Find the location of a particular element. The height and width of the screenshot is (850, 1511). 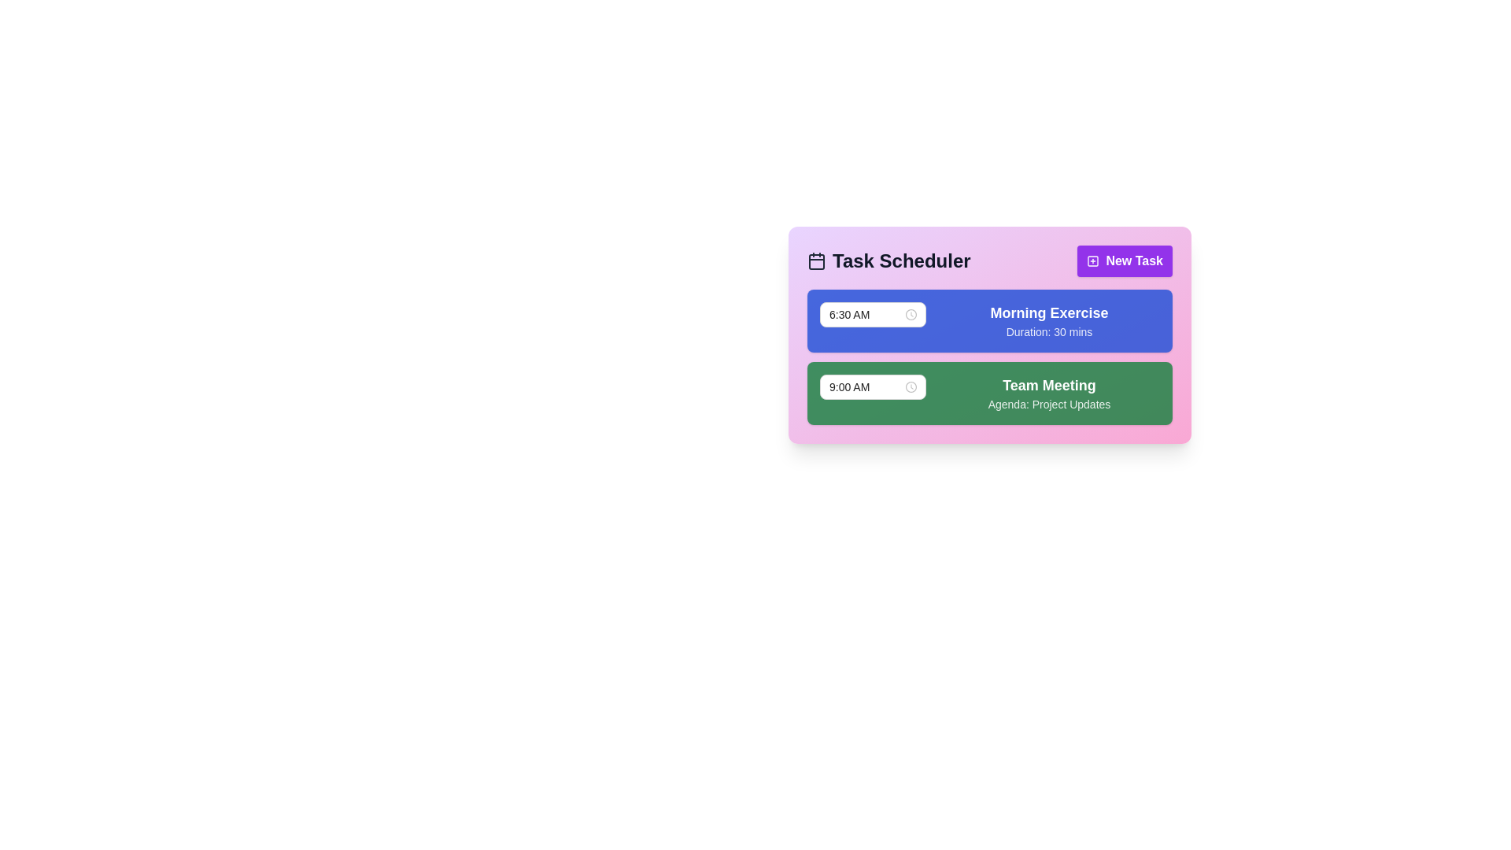

the inner rectangle of the calendar icon, which visually represents the calendar content, located above the 'Task Scheduler' text is located at coordinates (816, 261).